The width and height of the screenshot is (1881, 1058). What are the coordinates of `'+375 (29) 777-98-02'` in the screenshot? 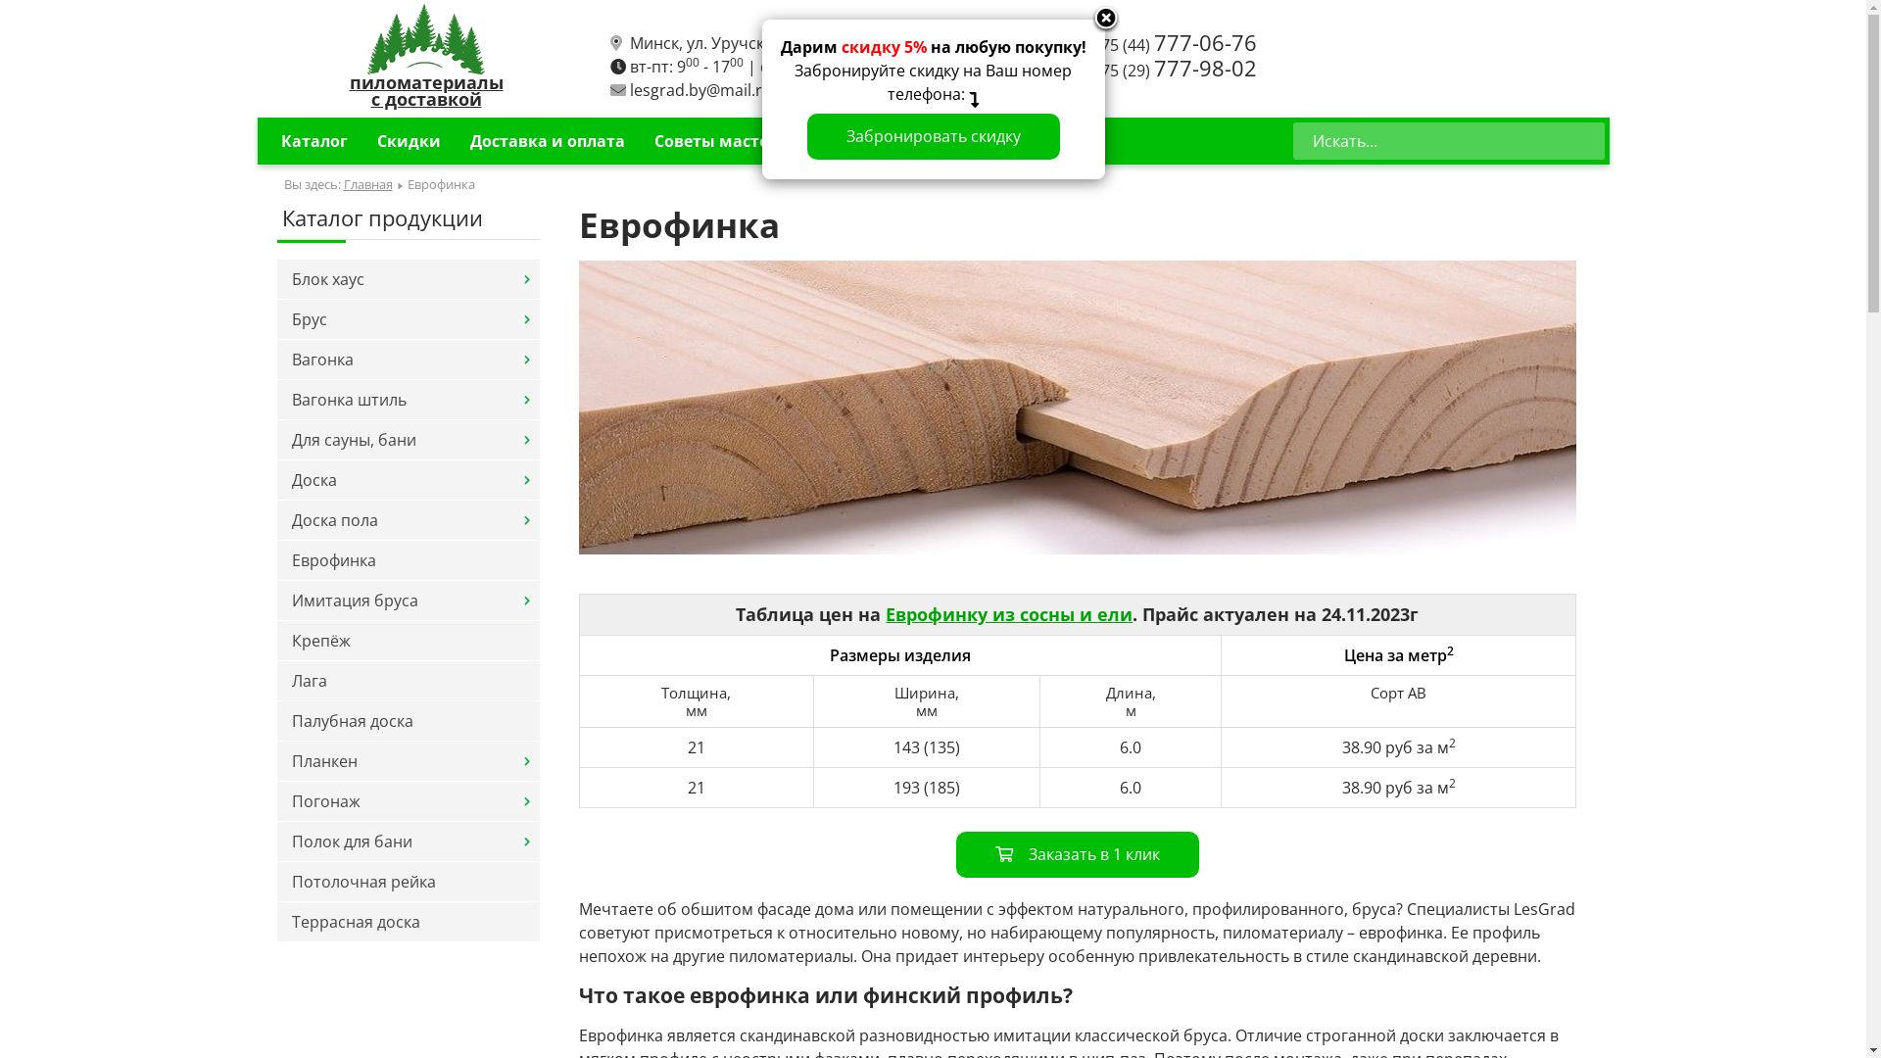 It's located at (1170, 70).